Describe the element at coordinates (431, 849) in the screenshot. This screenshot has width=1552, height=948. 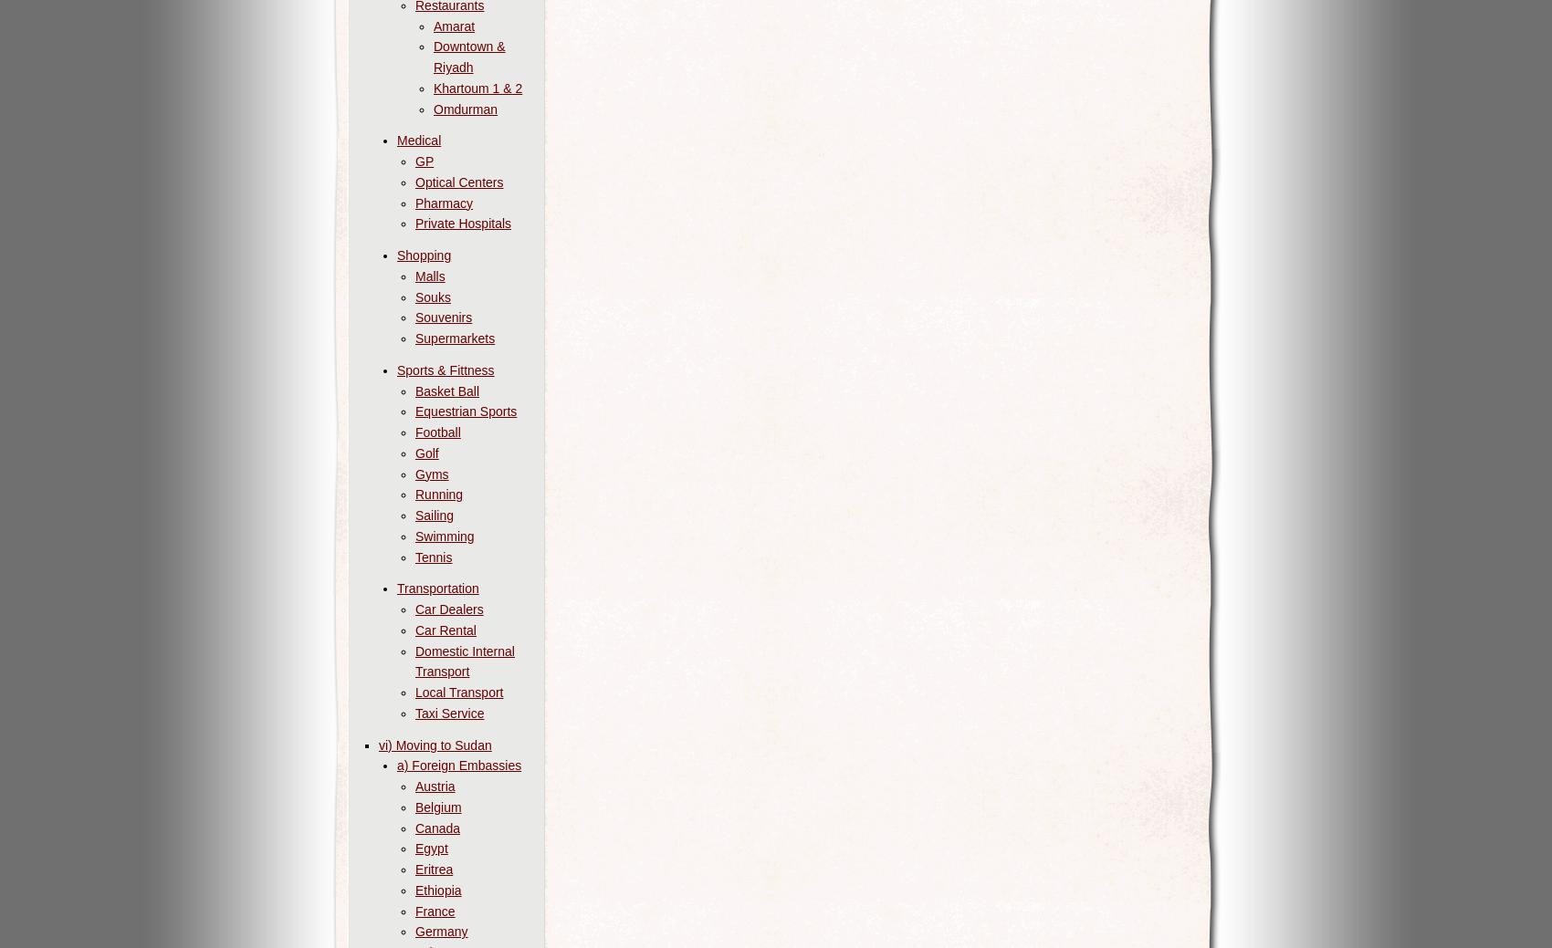
I see `'Egypt'` at that location.